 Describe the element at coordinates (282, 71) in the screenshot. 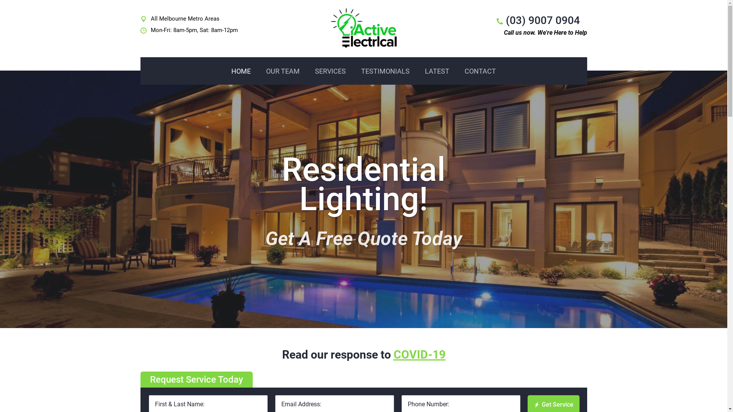

I see `'OUR TEAM'` at that location.